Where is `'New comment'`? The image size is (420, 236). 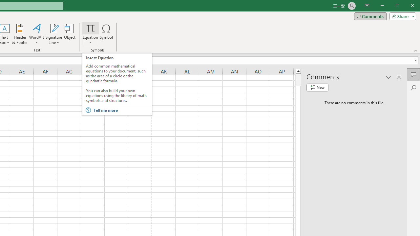 'New comment' is located at coordinates (317, 87).